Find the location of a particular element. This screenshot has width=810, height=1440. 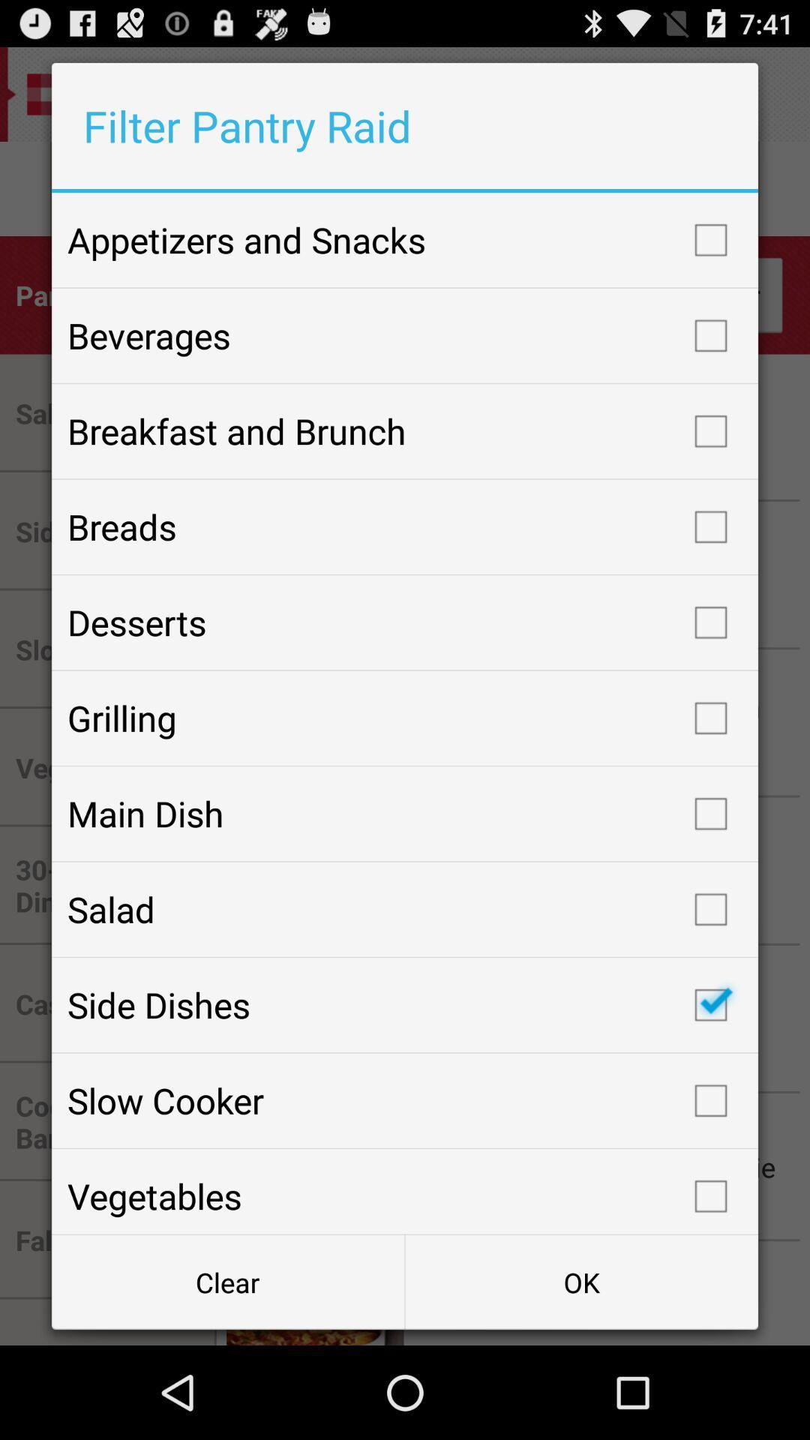

beverages checkbox is located at coordinates (405, 334).